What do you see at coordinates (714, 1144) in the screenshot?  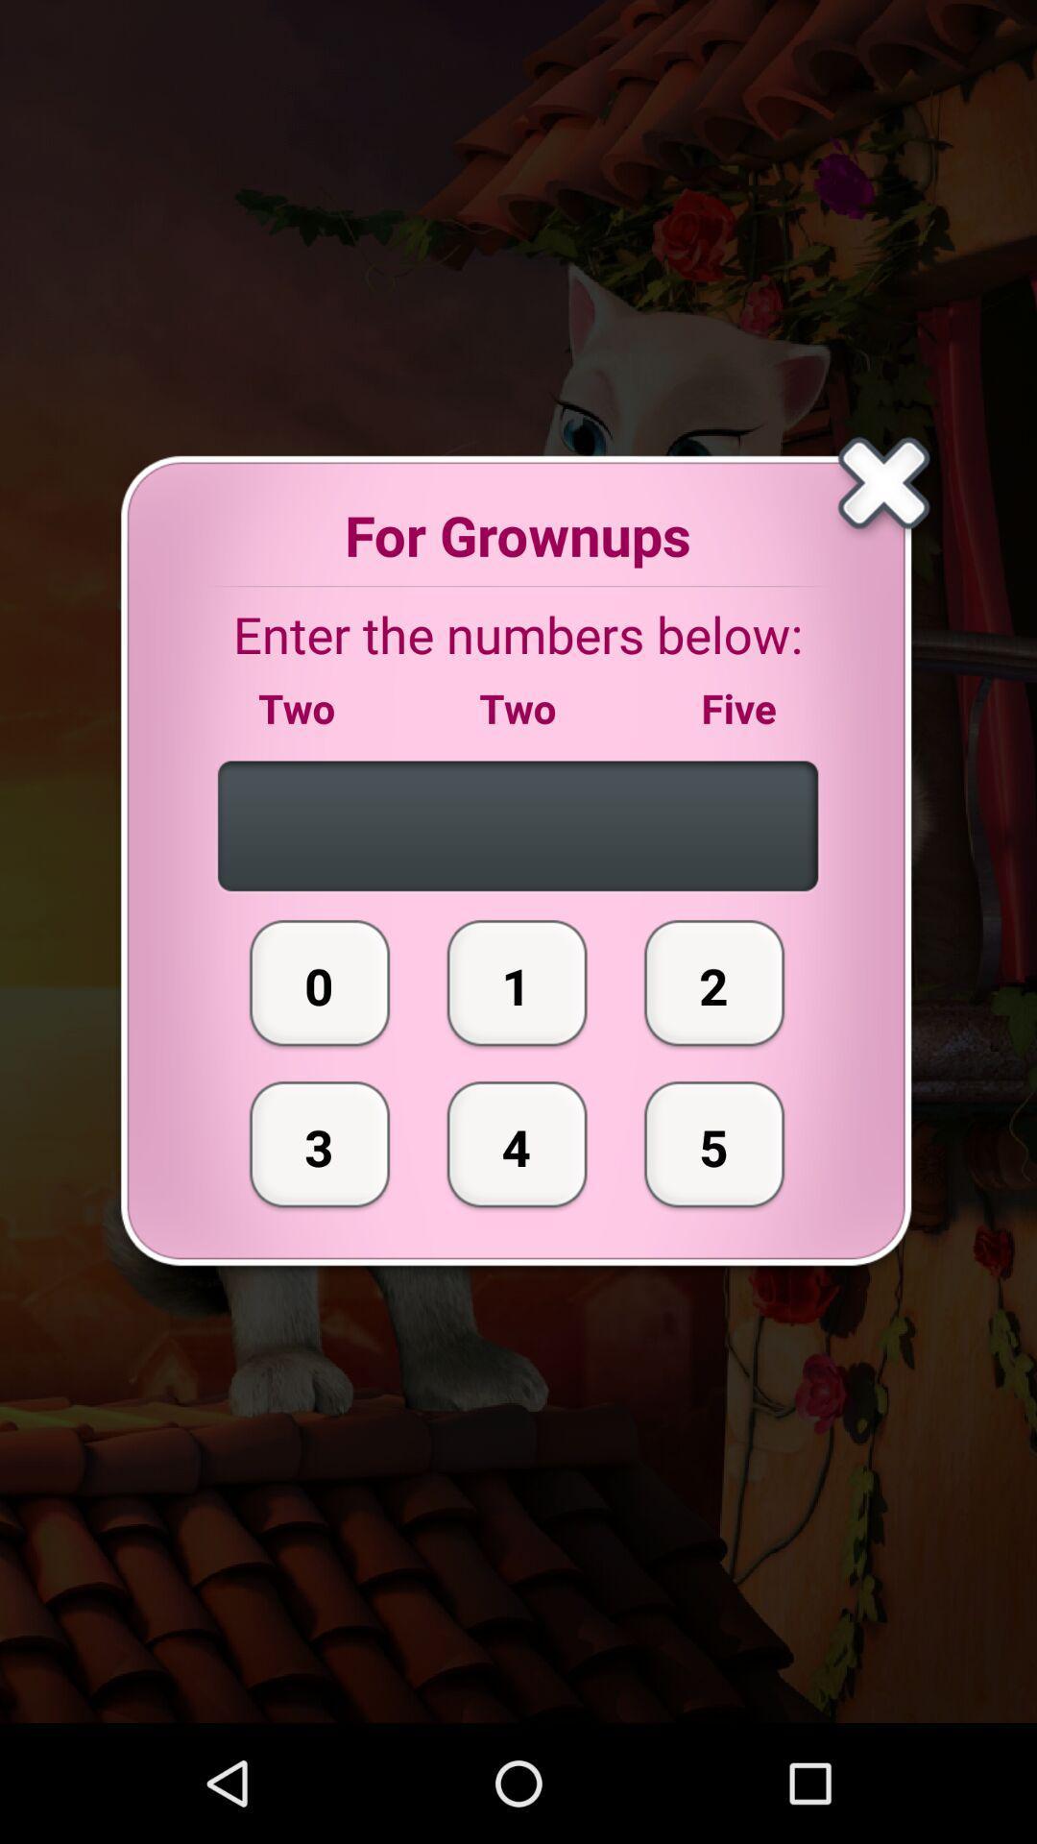 I see `button to the right of the 1` at bounding box center [714, 1144].